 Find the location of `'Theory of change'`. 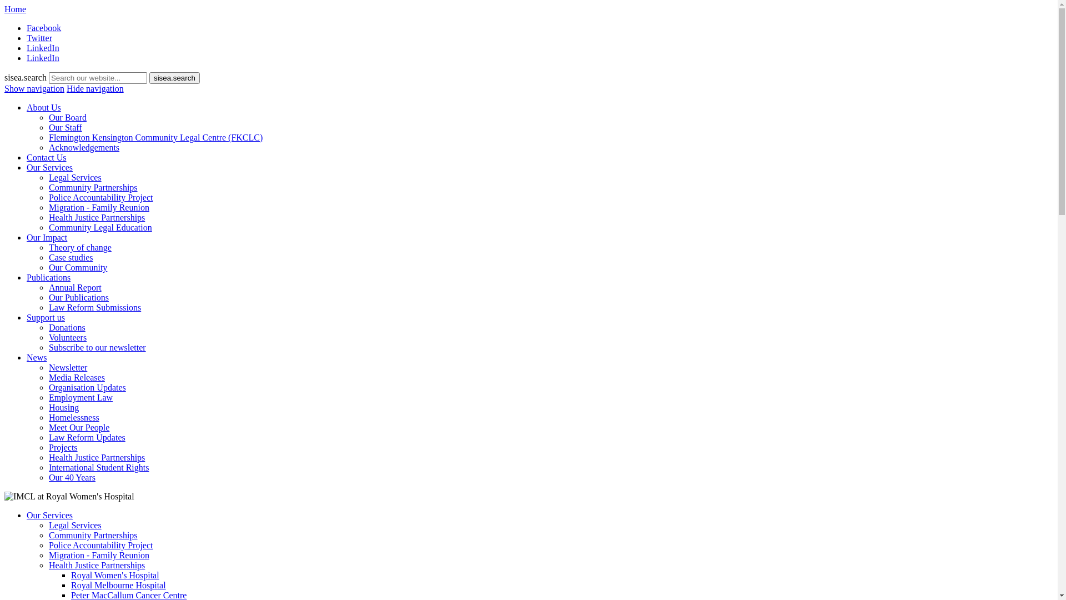

'Theory of change' is located at coordinates (48, 247).